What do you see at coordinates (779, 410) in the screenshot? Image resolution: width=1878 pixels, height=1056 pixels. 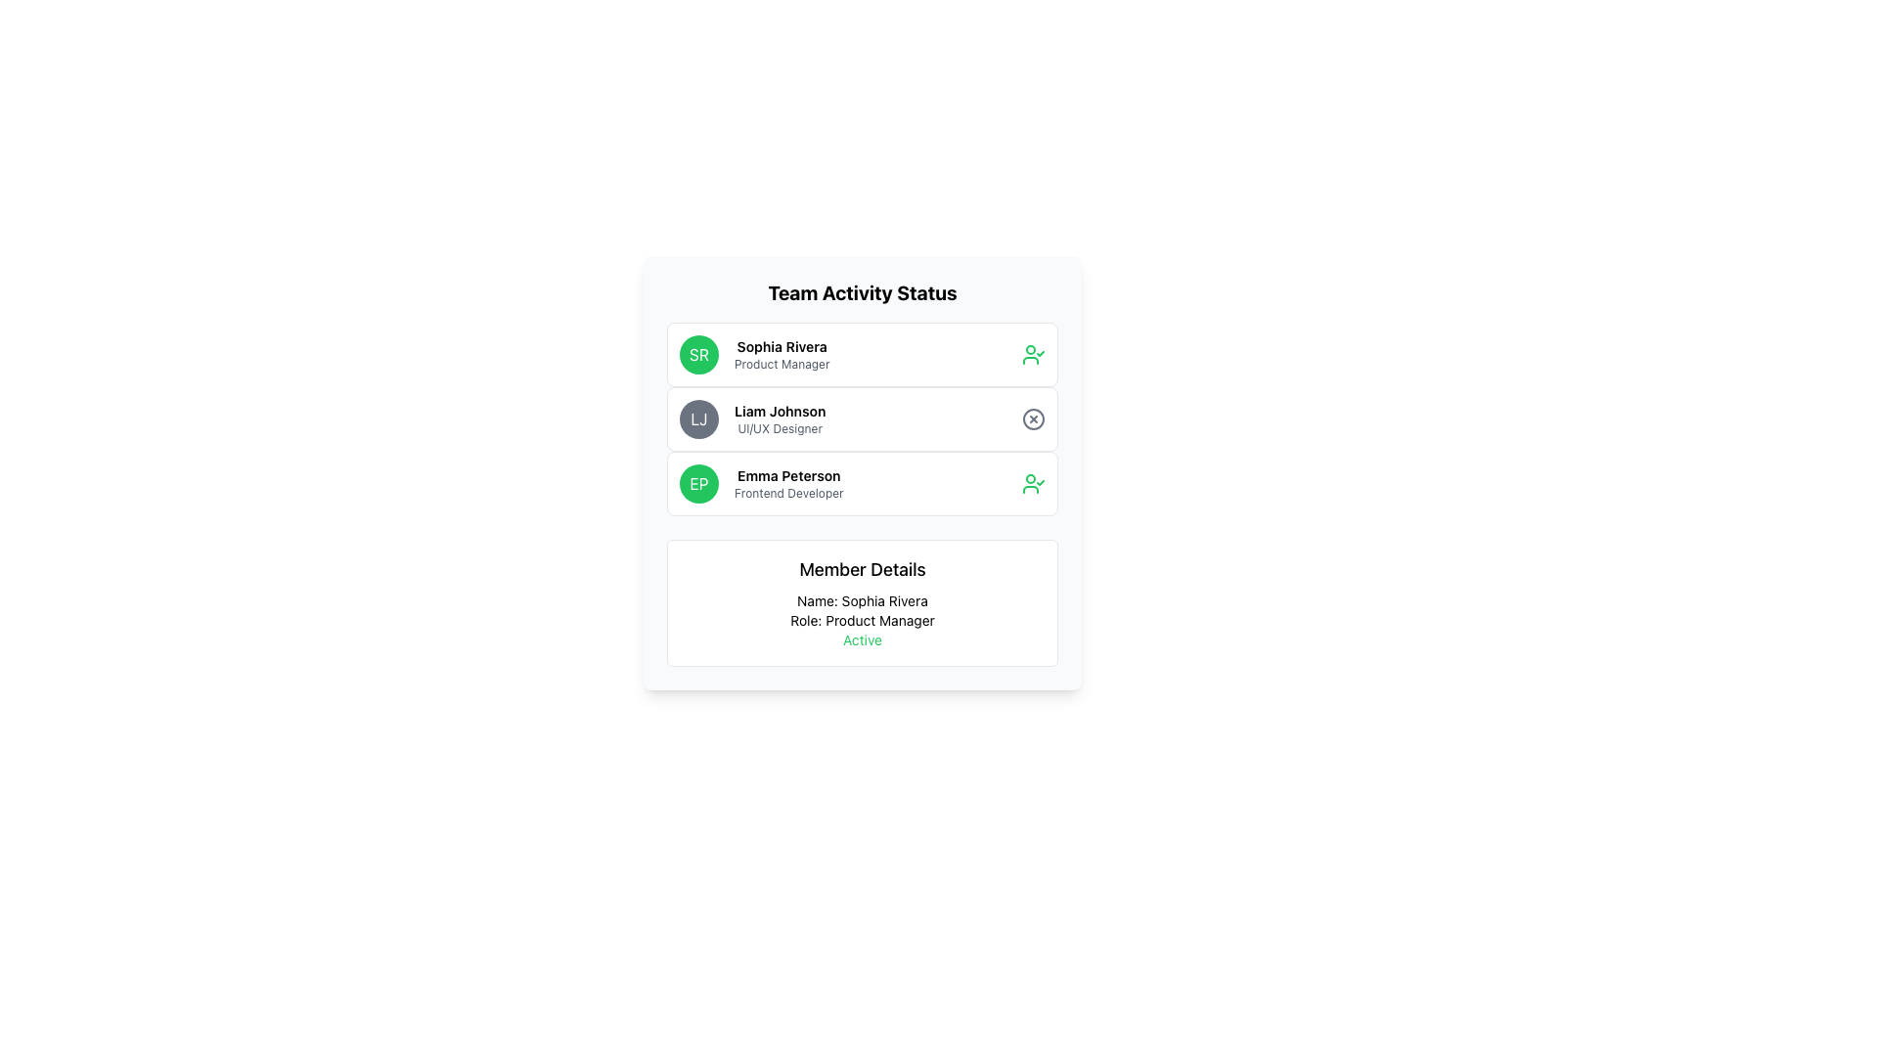 I see `text label displaying the name 'Liam Johnson' located above the 'UI/UX Designer' label in the 'Team Activity Status' section` at bounding box center [779, 410].